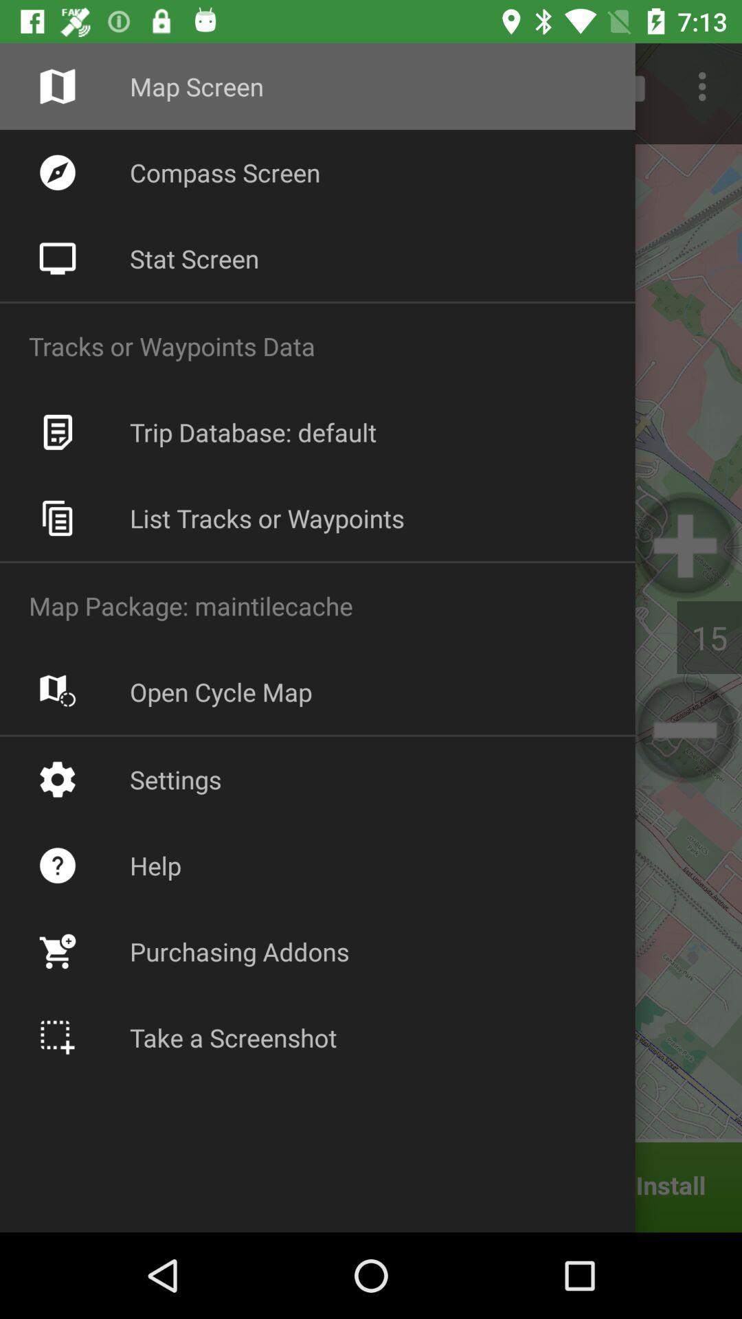  I want to click on the add icon, so click(686, 544).